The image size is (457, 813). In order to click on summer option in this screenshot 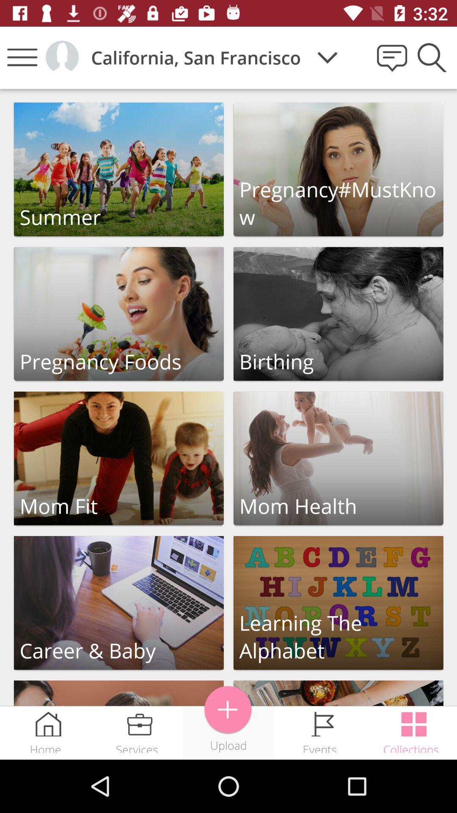, I will do `click(118, 169)`.